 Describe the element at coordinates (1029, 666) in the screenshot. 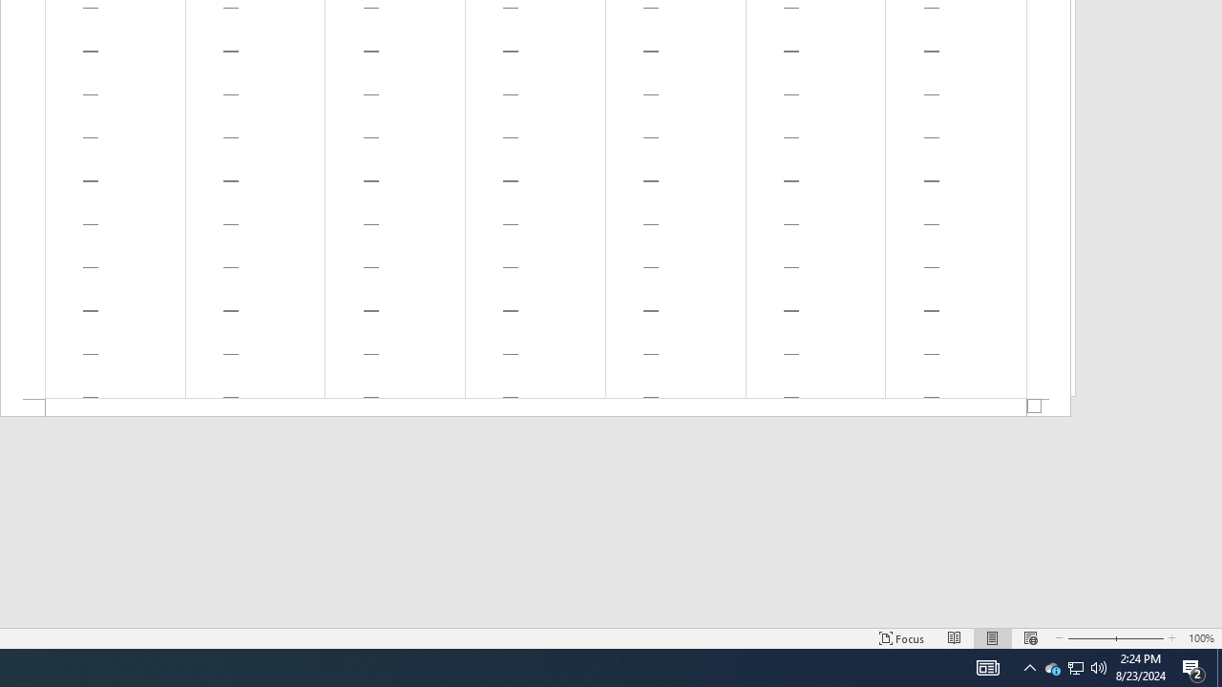

I see `'User Promoted Notification Area'` at that location.